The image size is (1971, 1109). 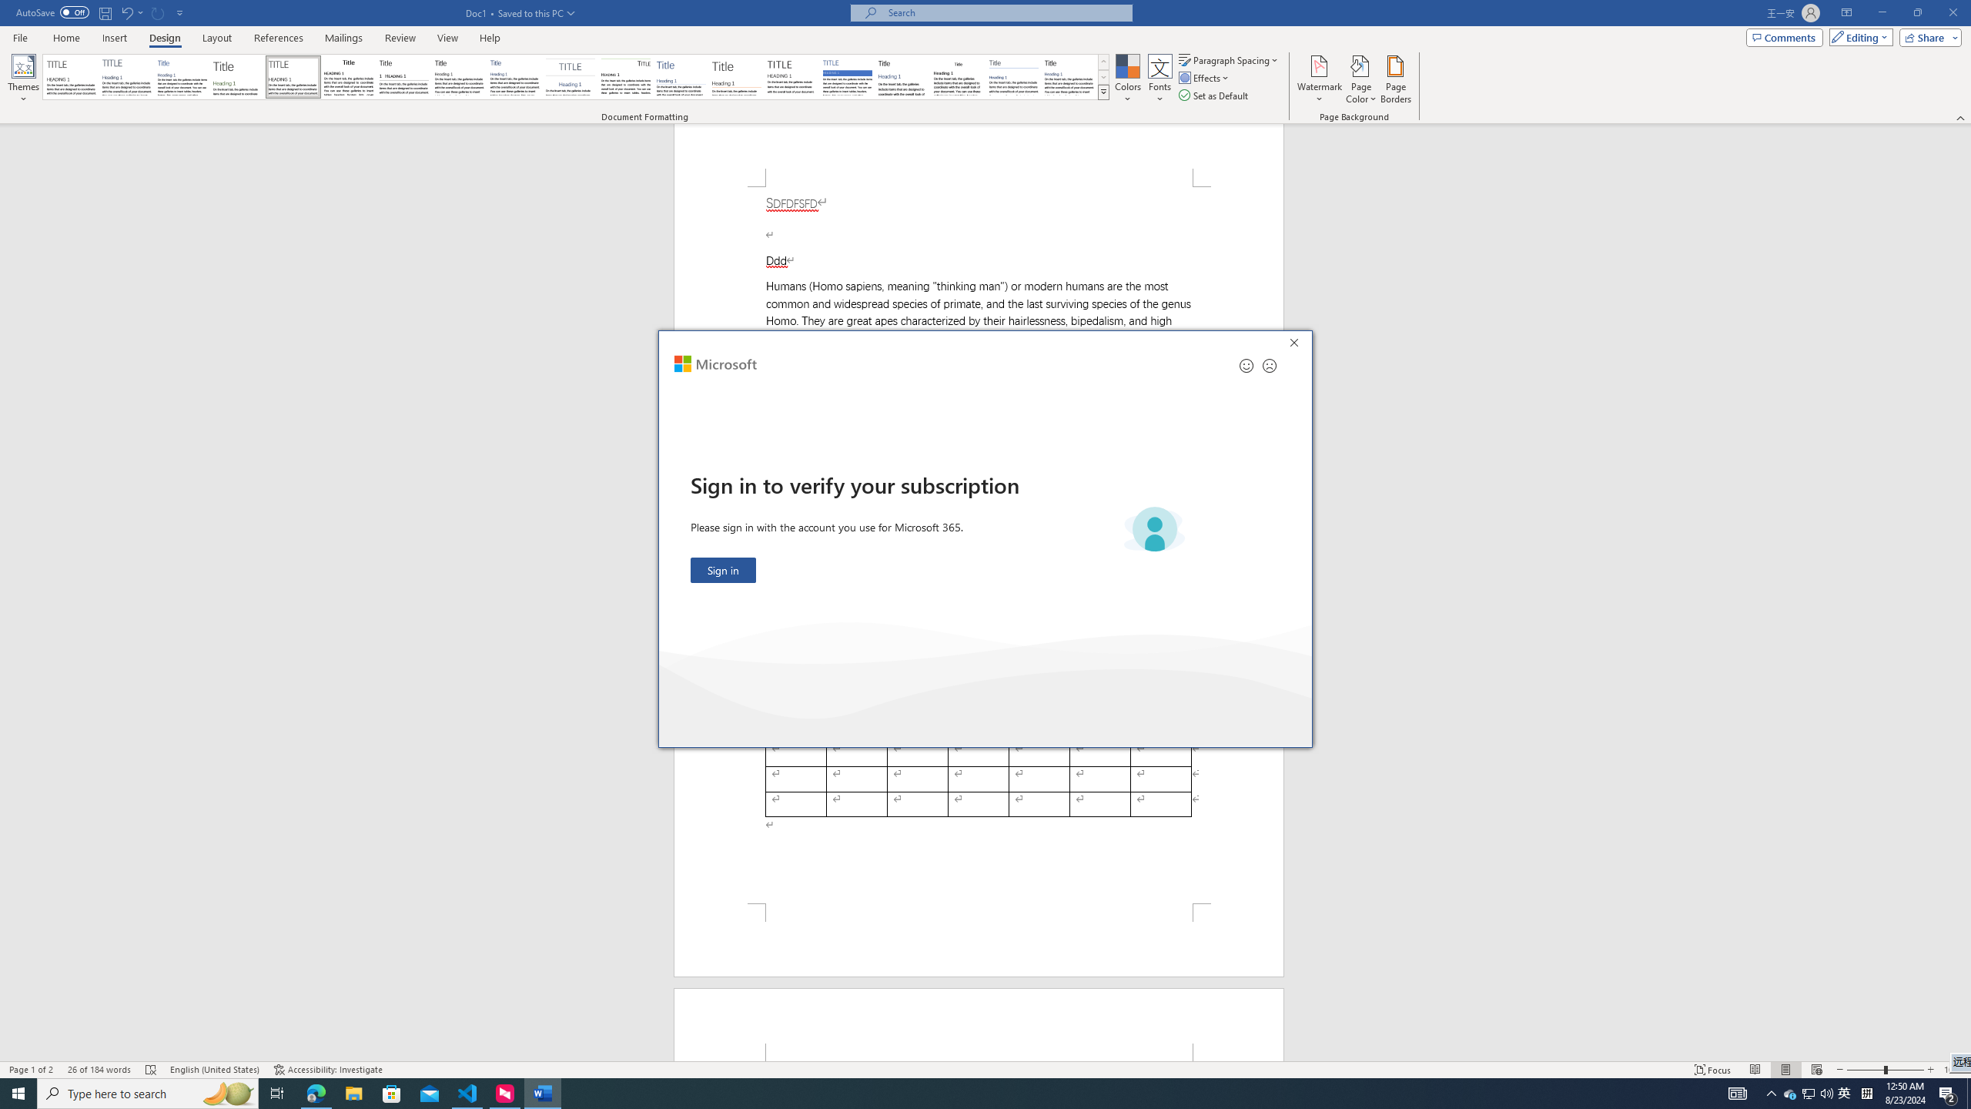 I want to click on 'Word 2013', so click(x=1070, y=76).